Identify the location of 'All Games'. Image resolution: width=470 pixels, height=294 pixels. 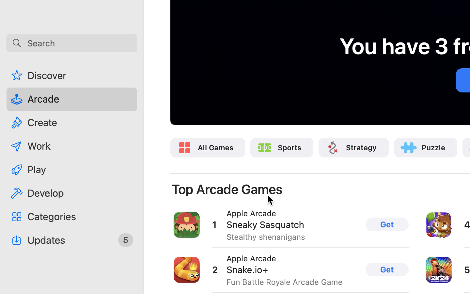
(215, 147).